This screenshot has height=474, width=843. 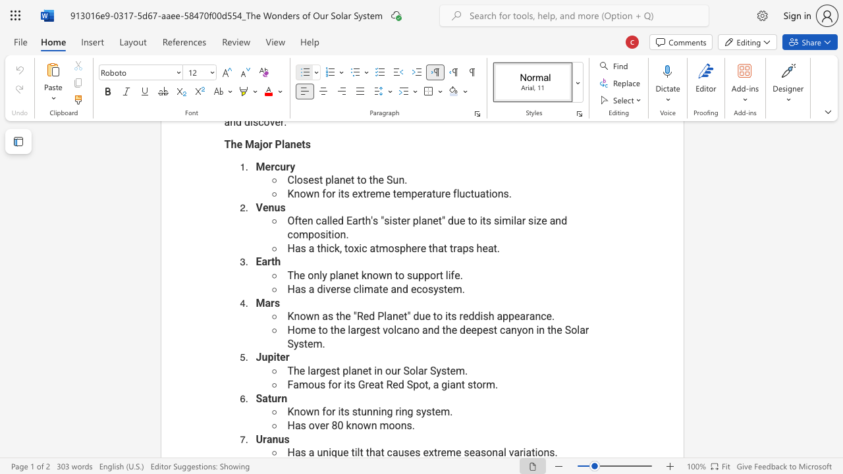 I want to click on the space between the continuous character "d" and "i" in the text, so click(x=322, y=288).